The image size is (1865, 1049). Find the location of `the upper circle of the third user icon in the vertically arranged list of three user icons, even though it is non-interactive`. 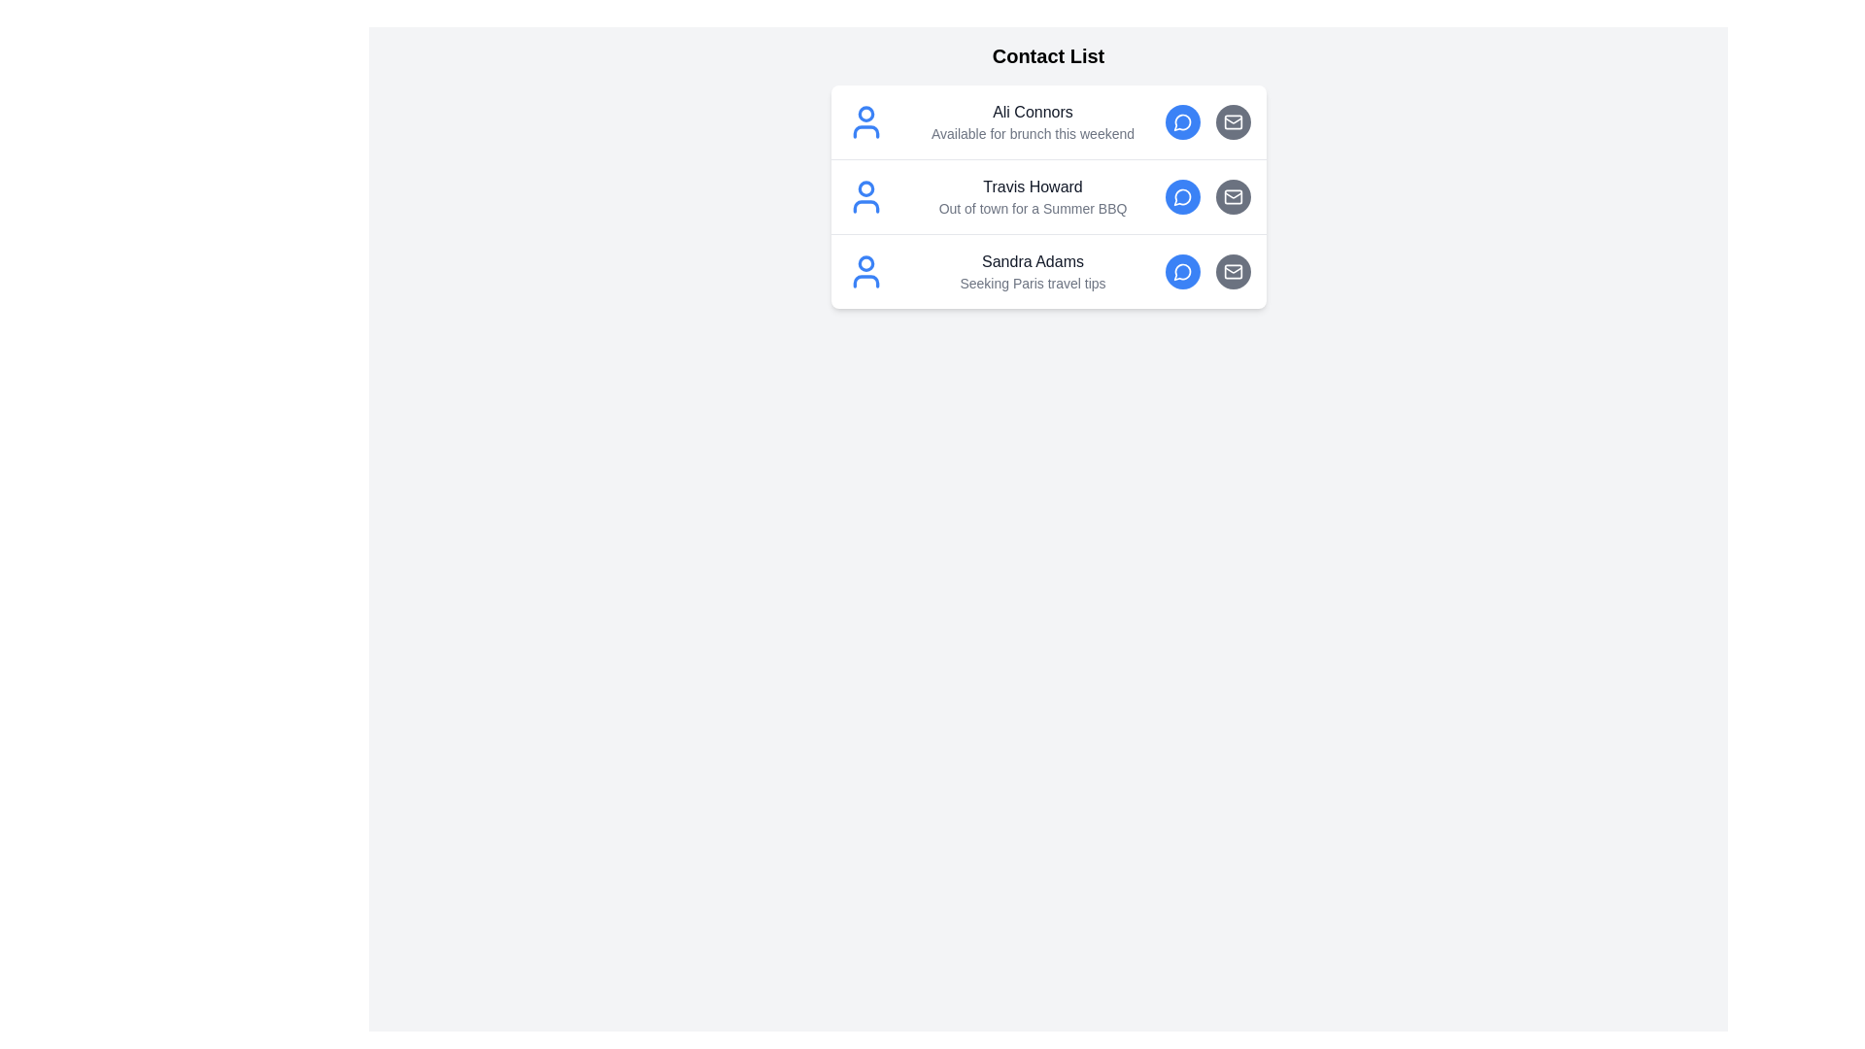

the upper circle of the third user icon in the vertically arranged list of three user icons, even though it is non-interactive is located at coordinates (865, 263).